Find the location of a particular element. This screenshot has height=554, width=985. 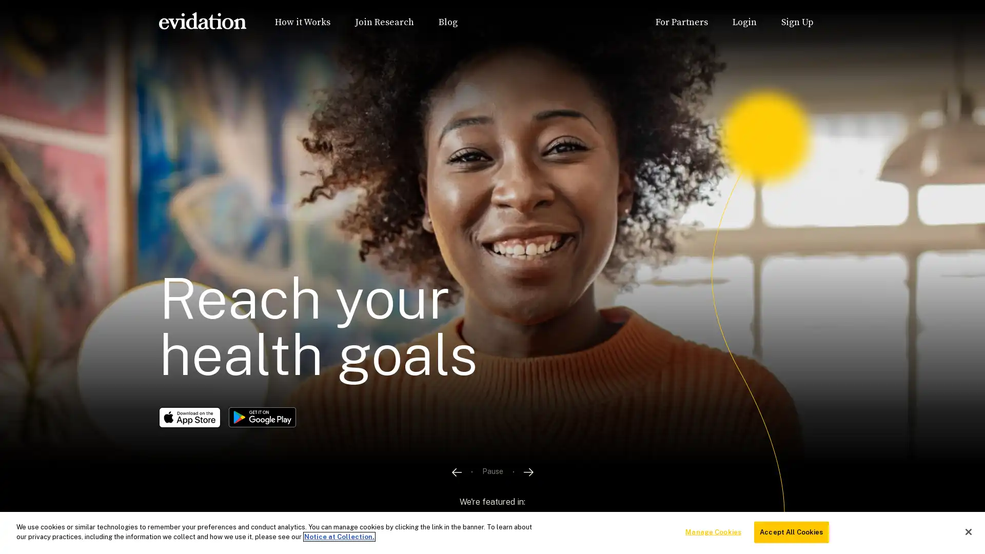

Accept All Cookies is located at coordinates (791, 531).